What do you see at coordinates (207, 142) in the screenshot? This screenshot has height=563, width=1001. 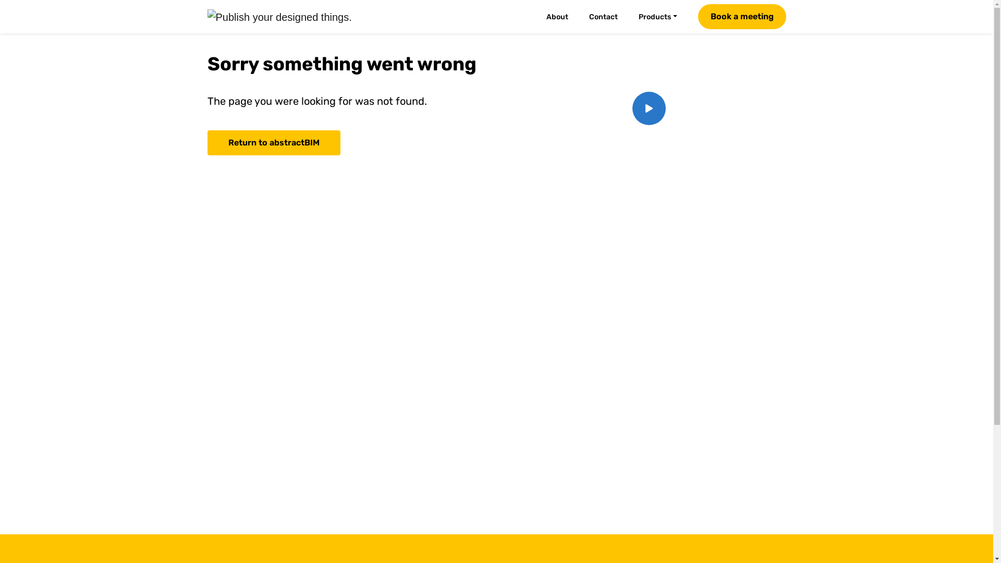 I see `'Return to abstractBIM'` at bounding box center [207, 142].